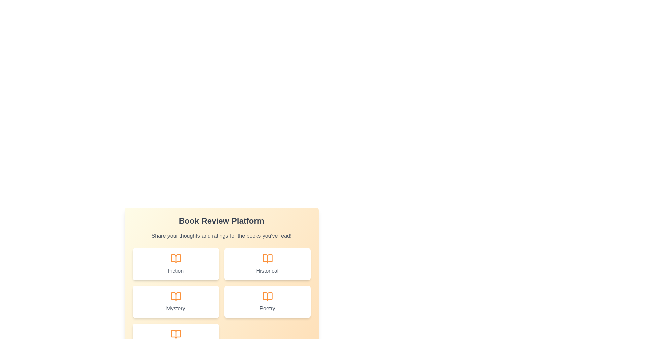 Image resolution: width=647 pixels, height=364 pixels. Describe the element at coordinates (267, 296) in the screenshot. I see `the icon associated with the 'Poetry' category` at that location.